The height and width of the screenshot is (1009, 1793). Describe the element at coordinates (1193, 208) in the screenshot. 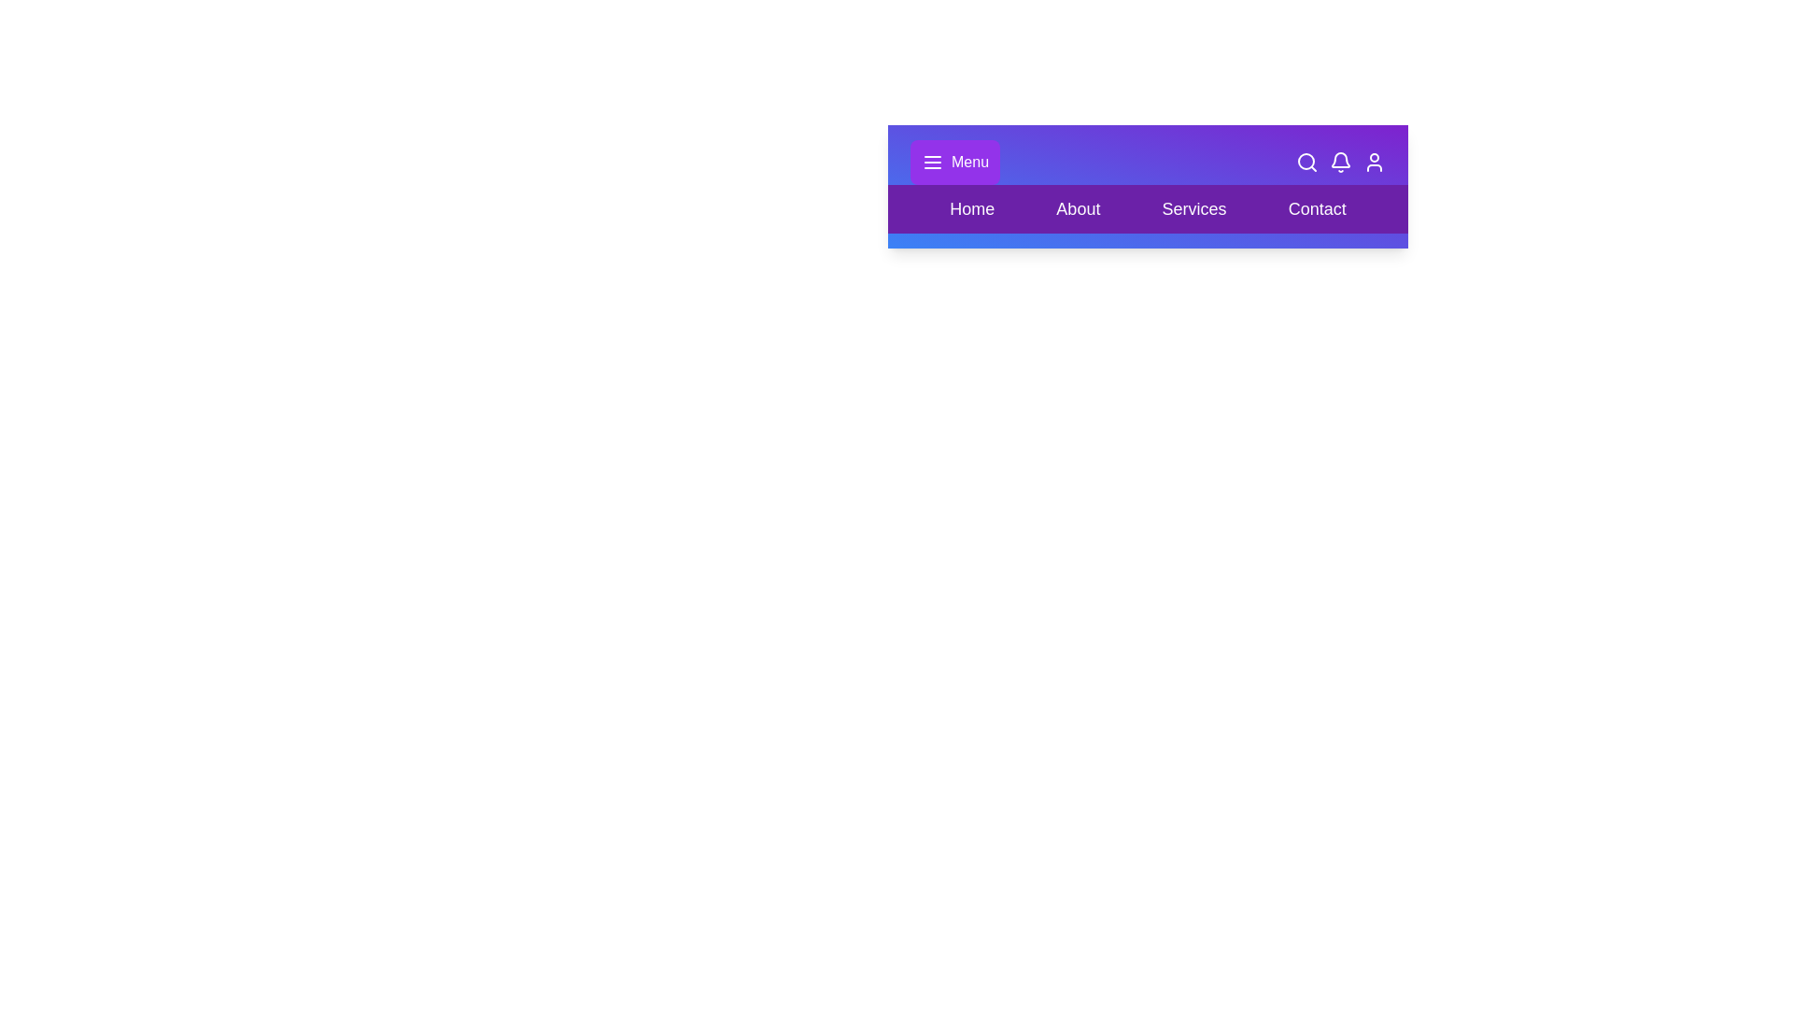

I see `the section labeled Services in the layout` at that location.